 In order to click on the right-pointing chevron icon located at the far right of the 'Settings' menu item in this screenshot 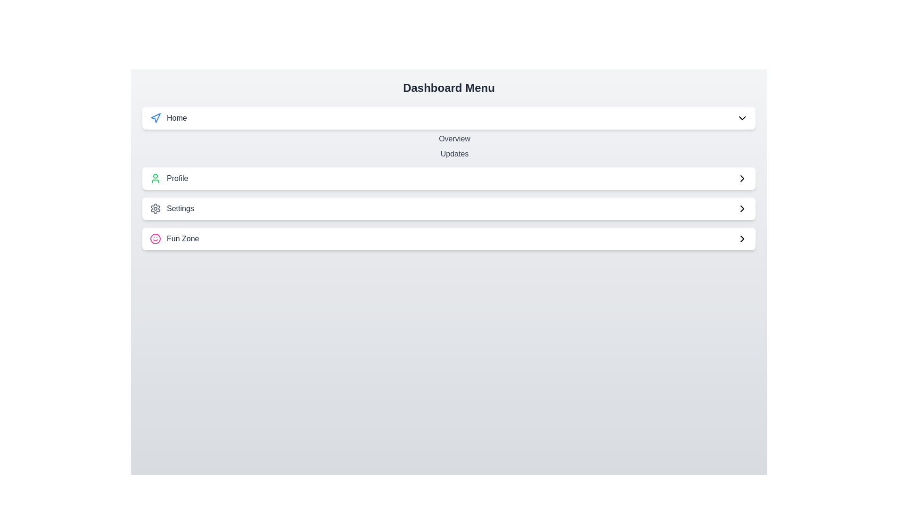, I will do `click(741, 208)`.